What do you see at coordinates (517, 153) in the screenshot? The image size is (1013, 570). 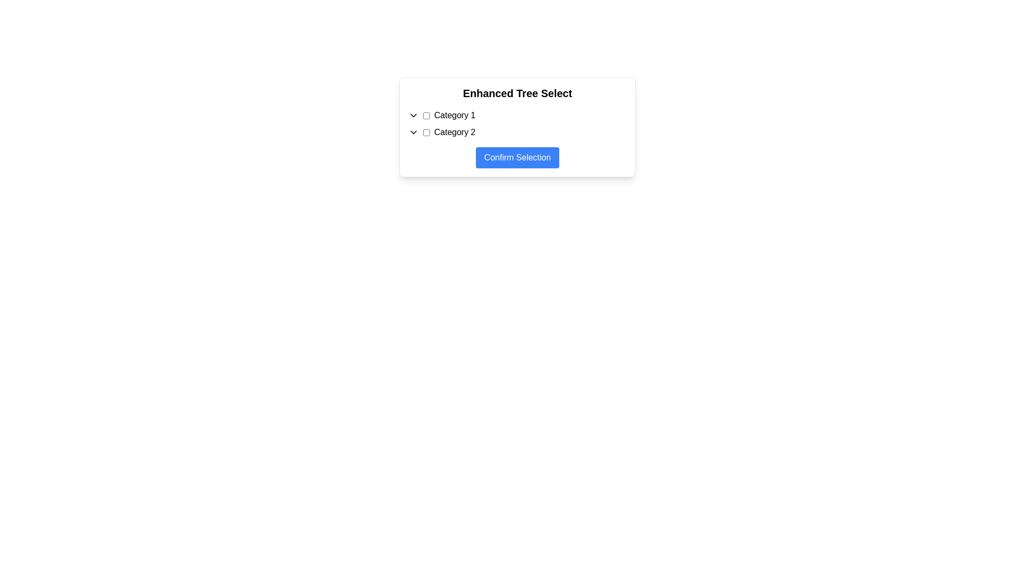 I see `the confirmation button located at the bottom of the card layout to confirm the user's selection from 'Category 1' and 'Category 2'` at bounding box center [517, 153].